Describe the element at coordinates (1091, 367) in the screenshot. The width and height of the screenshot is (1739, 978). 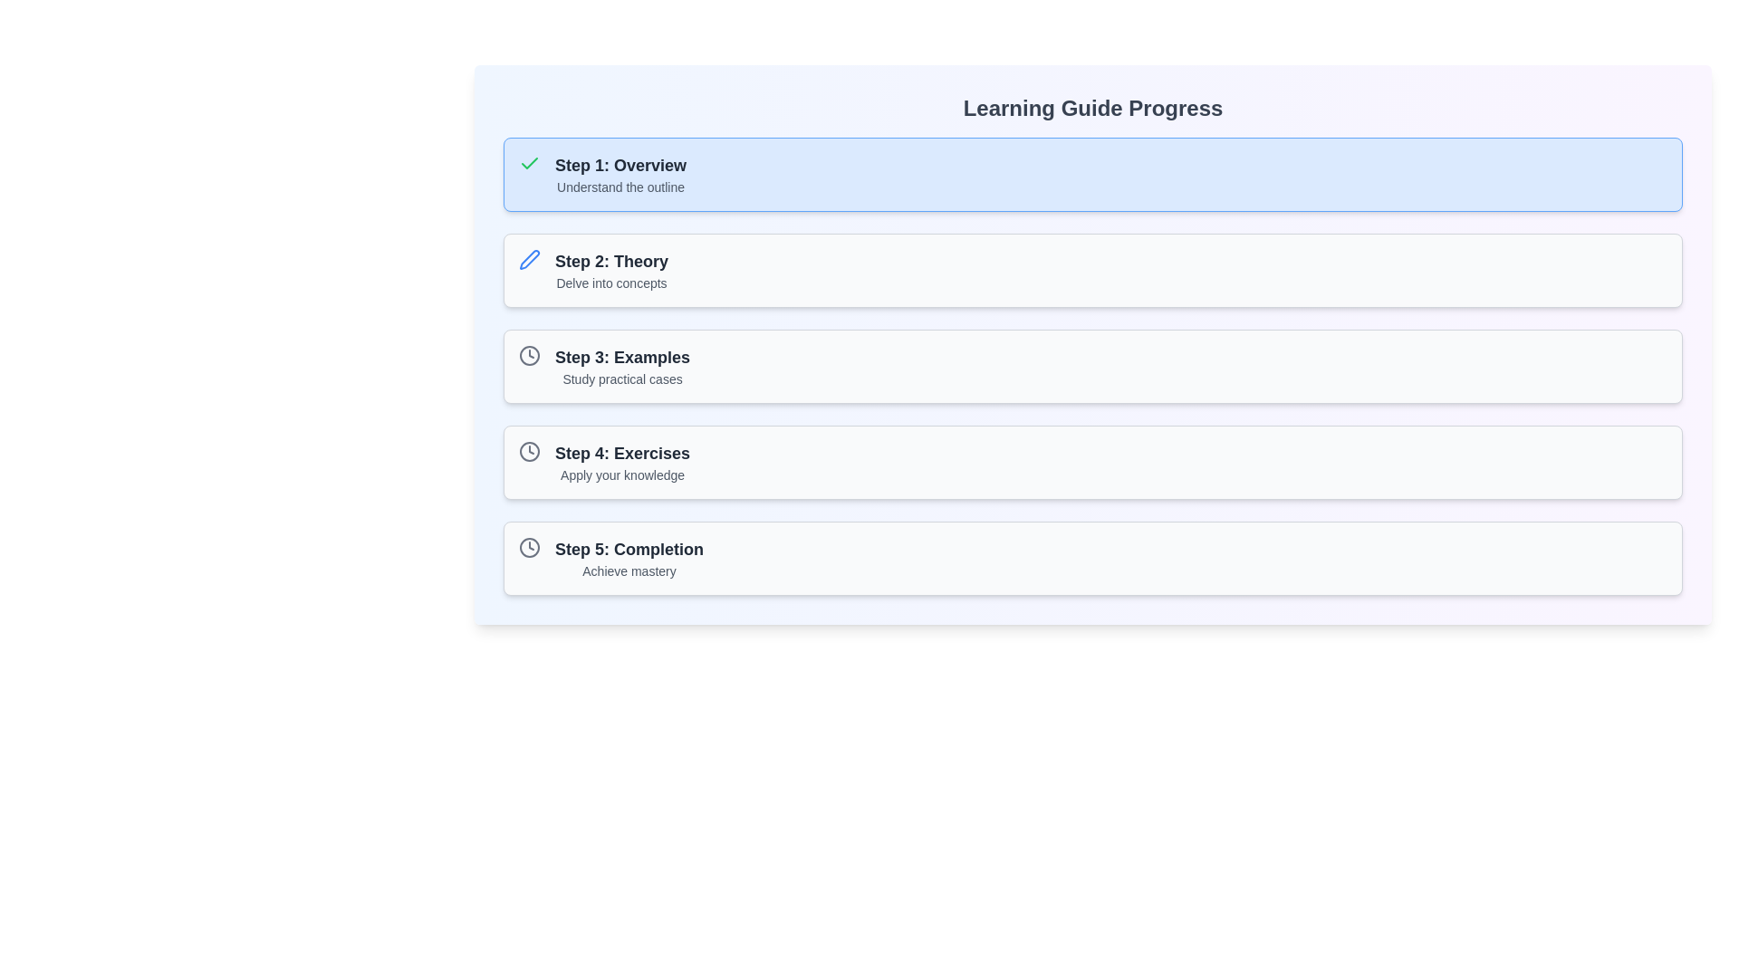
I see `the Card element representing a step in the progress guide` at that location.